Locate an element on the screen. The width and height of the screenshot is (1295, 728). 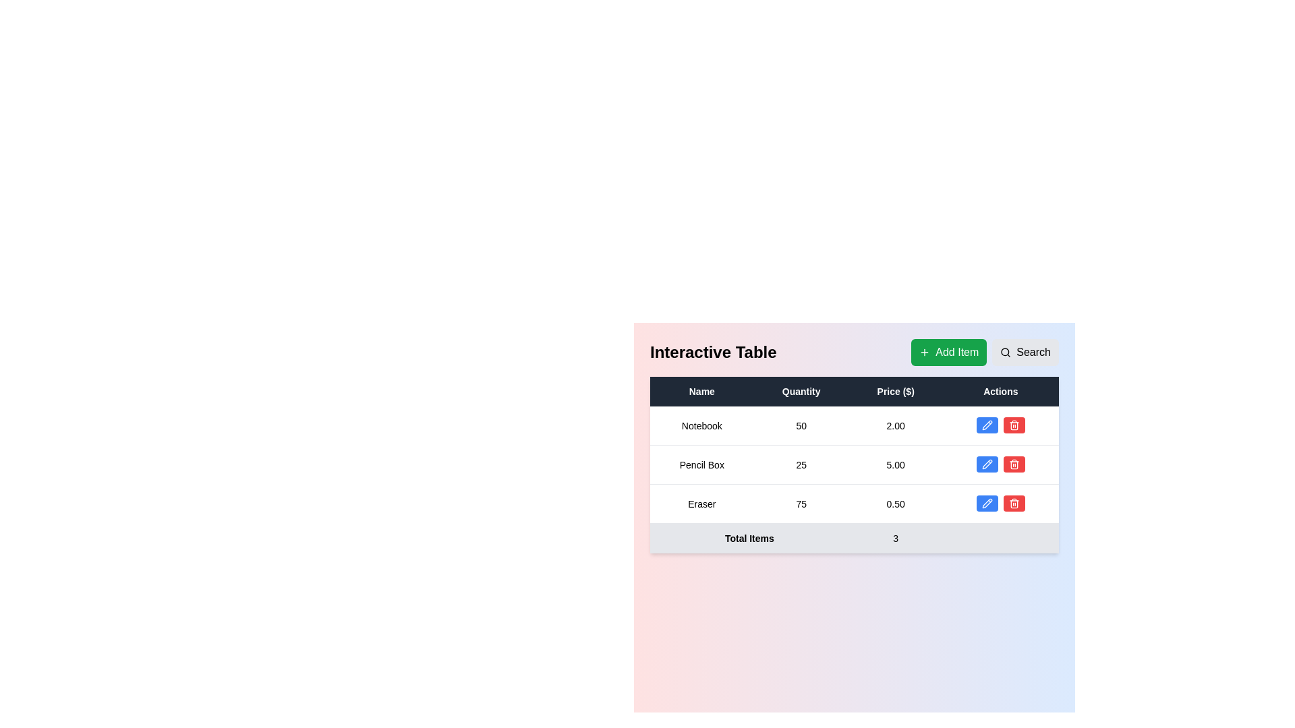
the edit button in the 'Actions' column of the table, which corresponds to the 'Eraser' row, to observe its hover effects is located at coordinates (987, 504).